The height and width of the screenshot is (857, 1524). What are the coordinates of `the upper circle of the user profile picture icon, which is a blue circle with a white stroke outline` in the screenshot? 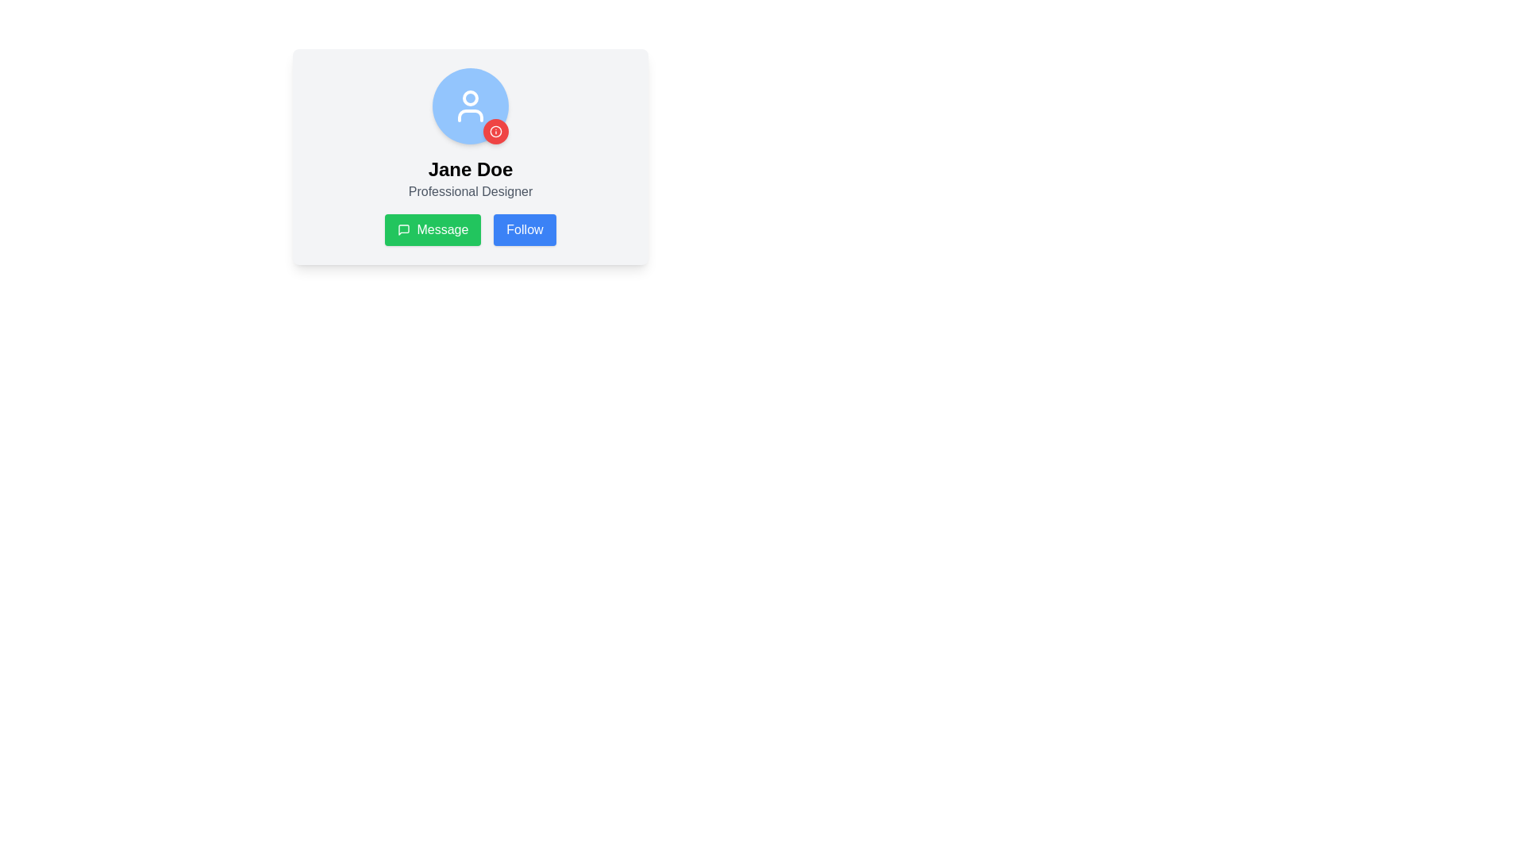 It's located at (470, 98).